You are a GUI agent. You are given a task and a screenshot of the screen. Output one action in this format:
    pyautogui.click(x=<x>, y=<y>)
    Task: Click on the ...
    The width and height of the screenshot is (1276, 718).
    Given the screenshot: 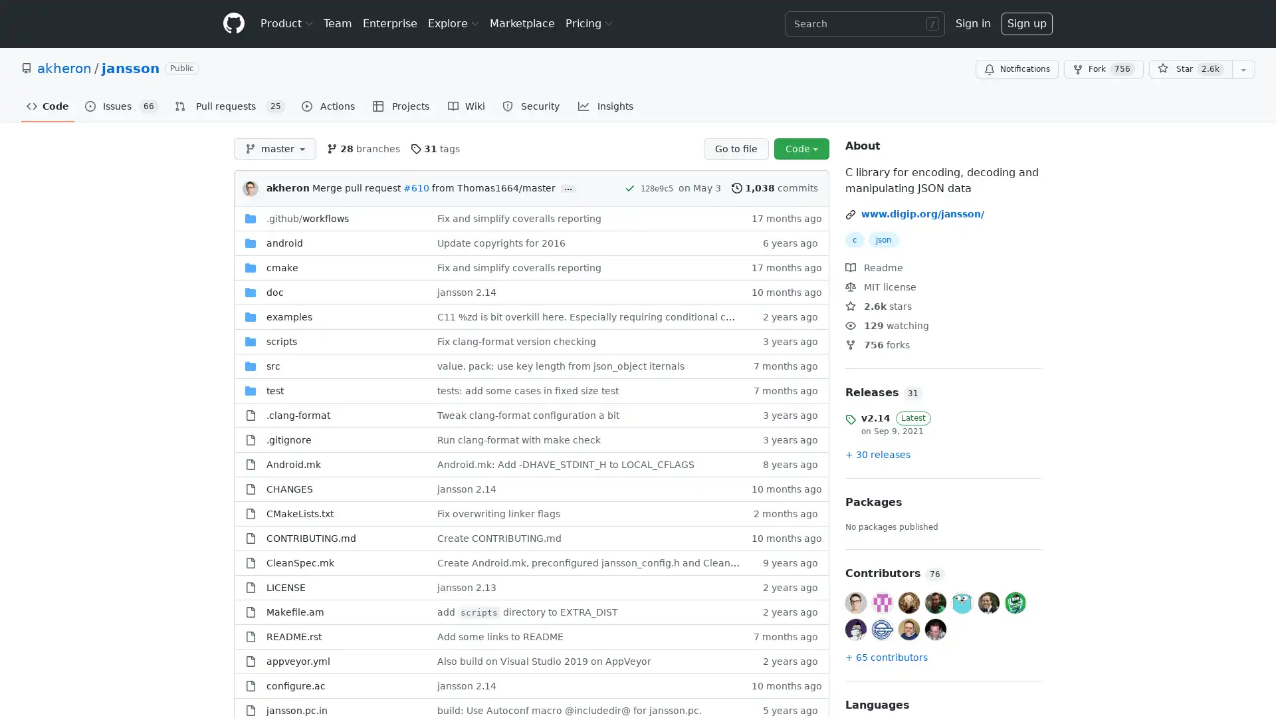 What is the action you would take?
    pyautogui.click(x=568, y=189)
    